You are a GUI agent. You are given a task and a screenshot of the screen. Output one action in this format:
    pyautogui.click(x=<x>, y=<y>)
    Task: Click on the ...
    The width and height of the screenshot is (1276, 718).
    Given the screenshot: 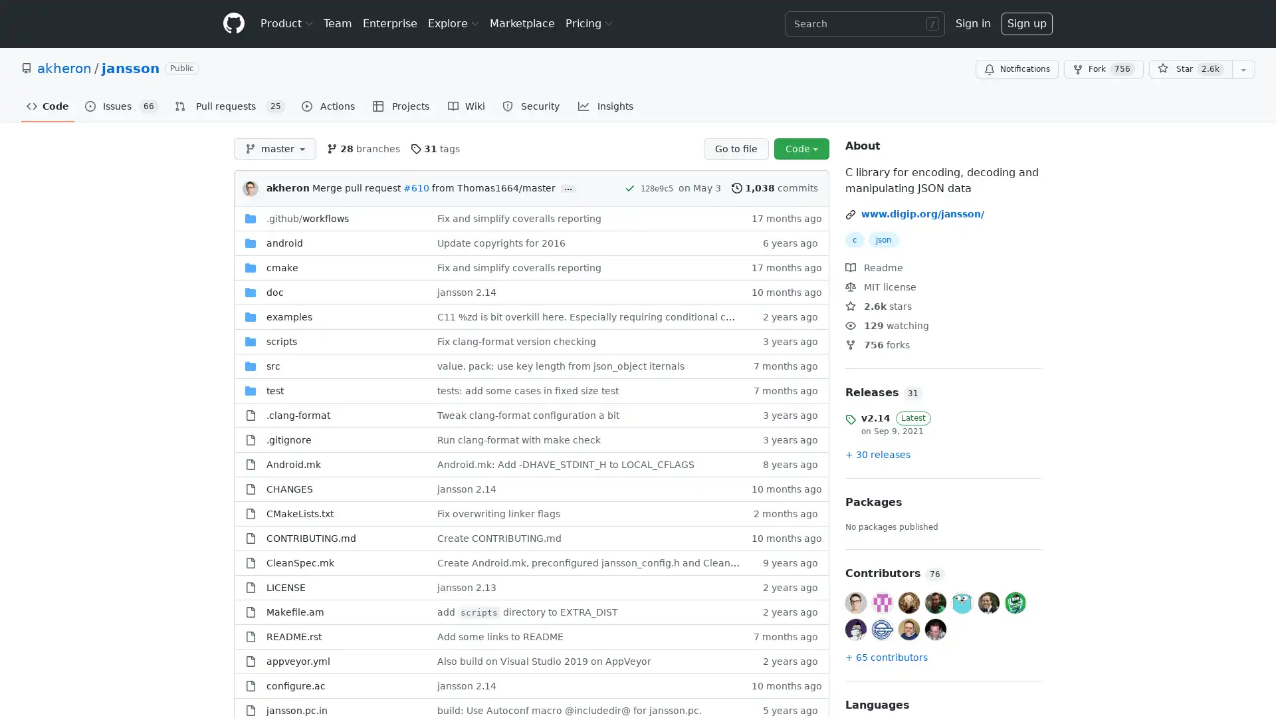 What is the action you would take?
    pyautogui.click(x=568, y=189)
    